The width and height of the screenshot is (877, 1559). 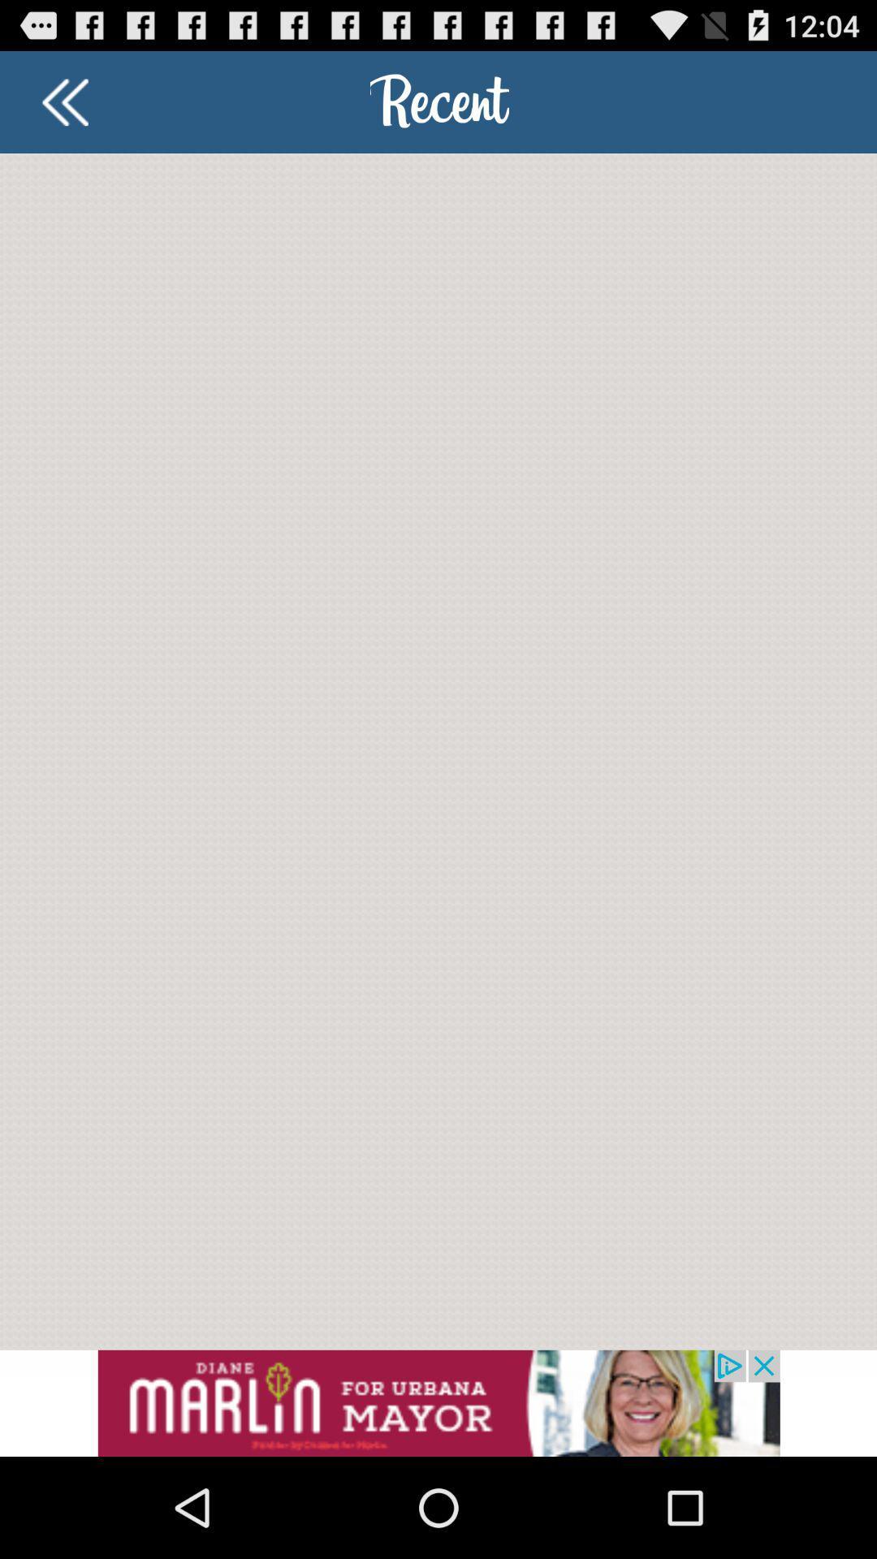 I want to click on the av_rewind icon, so click(x=64, y=108).